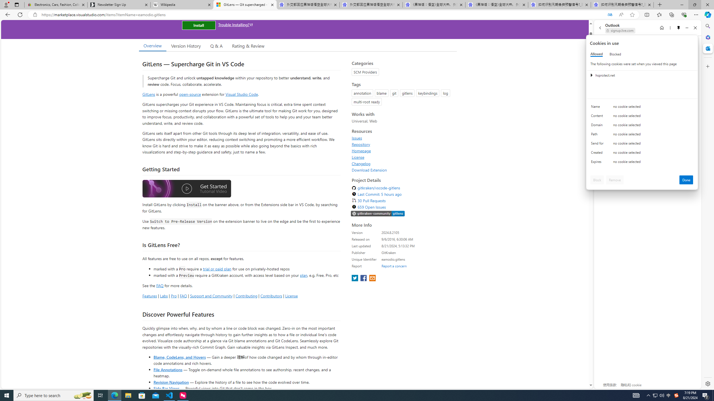  Describe the element at coordinates (642, 163) in the screenshot. I see `'Class: c0153 c0157'` at that location.